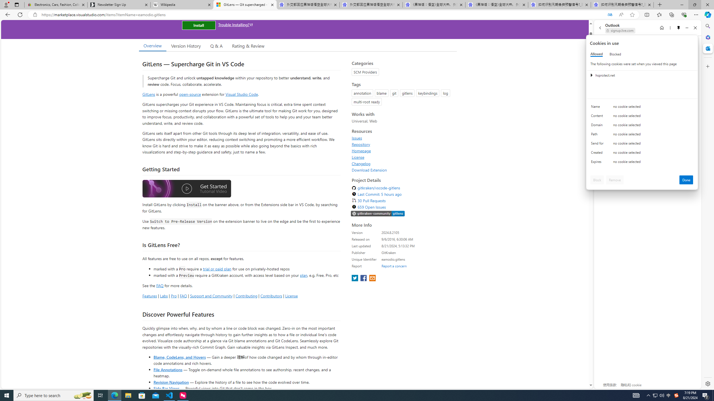  Describe the element at coordinates (642, 163) in the screenshot. I see `'Class: c0153 c0157'` at that location.